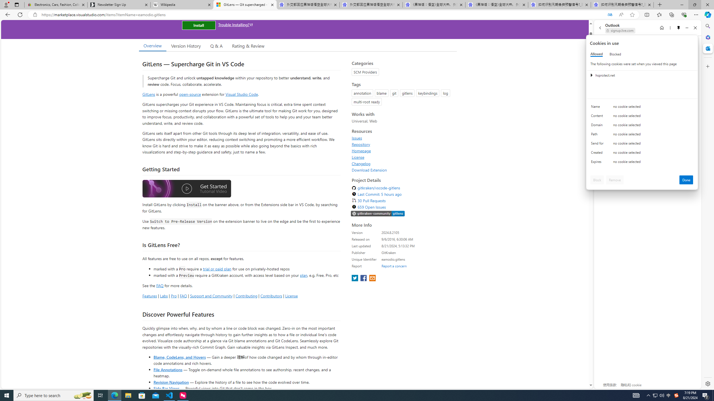  Describe the element at coordinates (642, 163) in the screenshot. I see `'Class: c0153 c0157'` at that location.